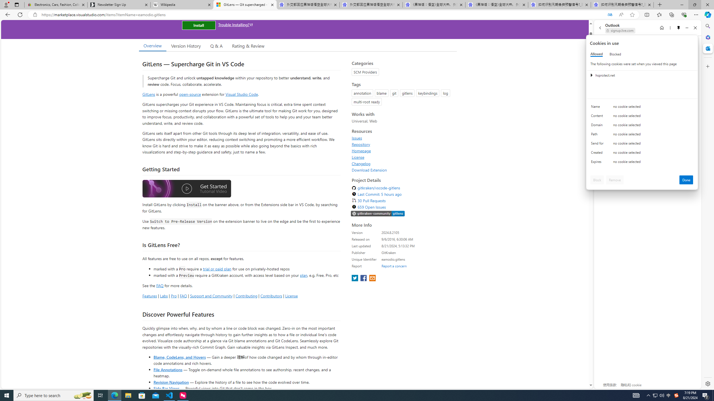  Describe the element at coordinates (642, 163) in the screenshot. I see `'Class: c0153 c0157'` at that location.